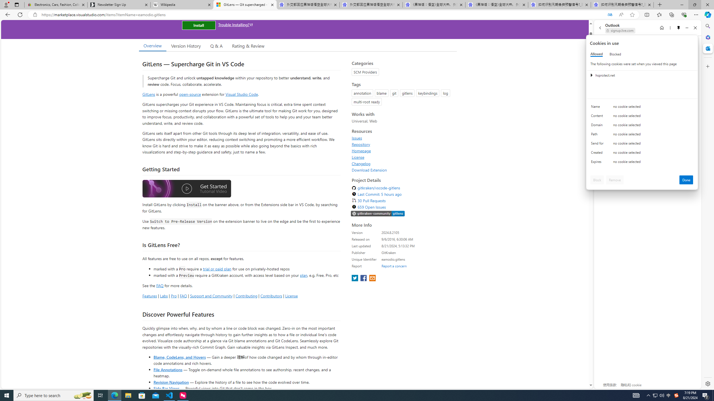  Describe the element at coordinates (642, 163) in the screenshot. I see `'Class: c0153 c0157'` at that location.